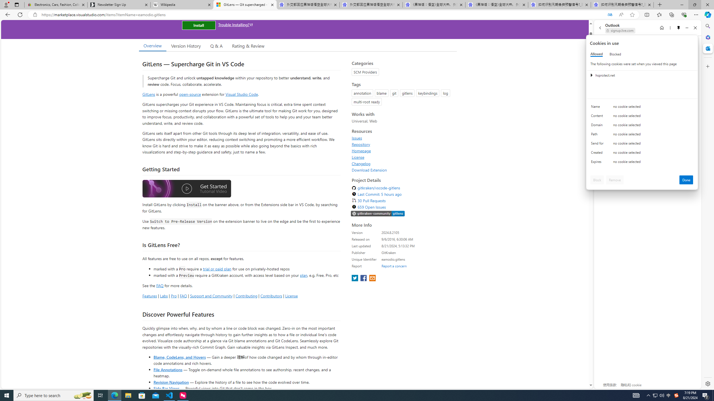  Describe the element at coordinates (642, 163) in the screenshot. I see `'Class: c0153 c0157'` at that location.